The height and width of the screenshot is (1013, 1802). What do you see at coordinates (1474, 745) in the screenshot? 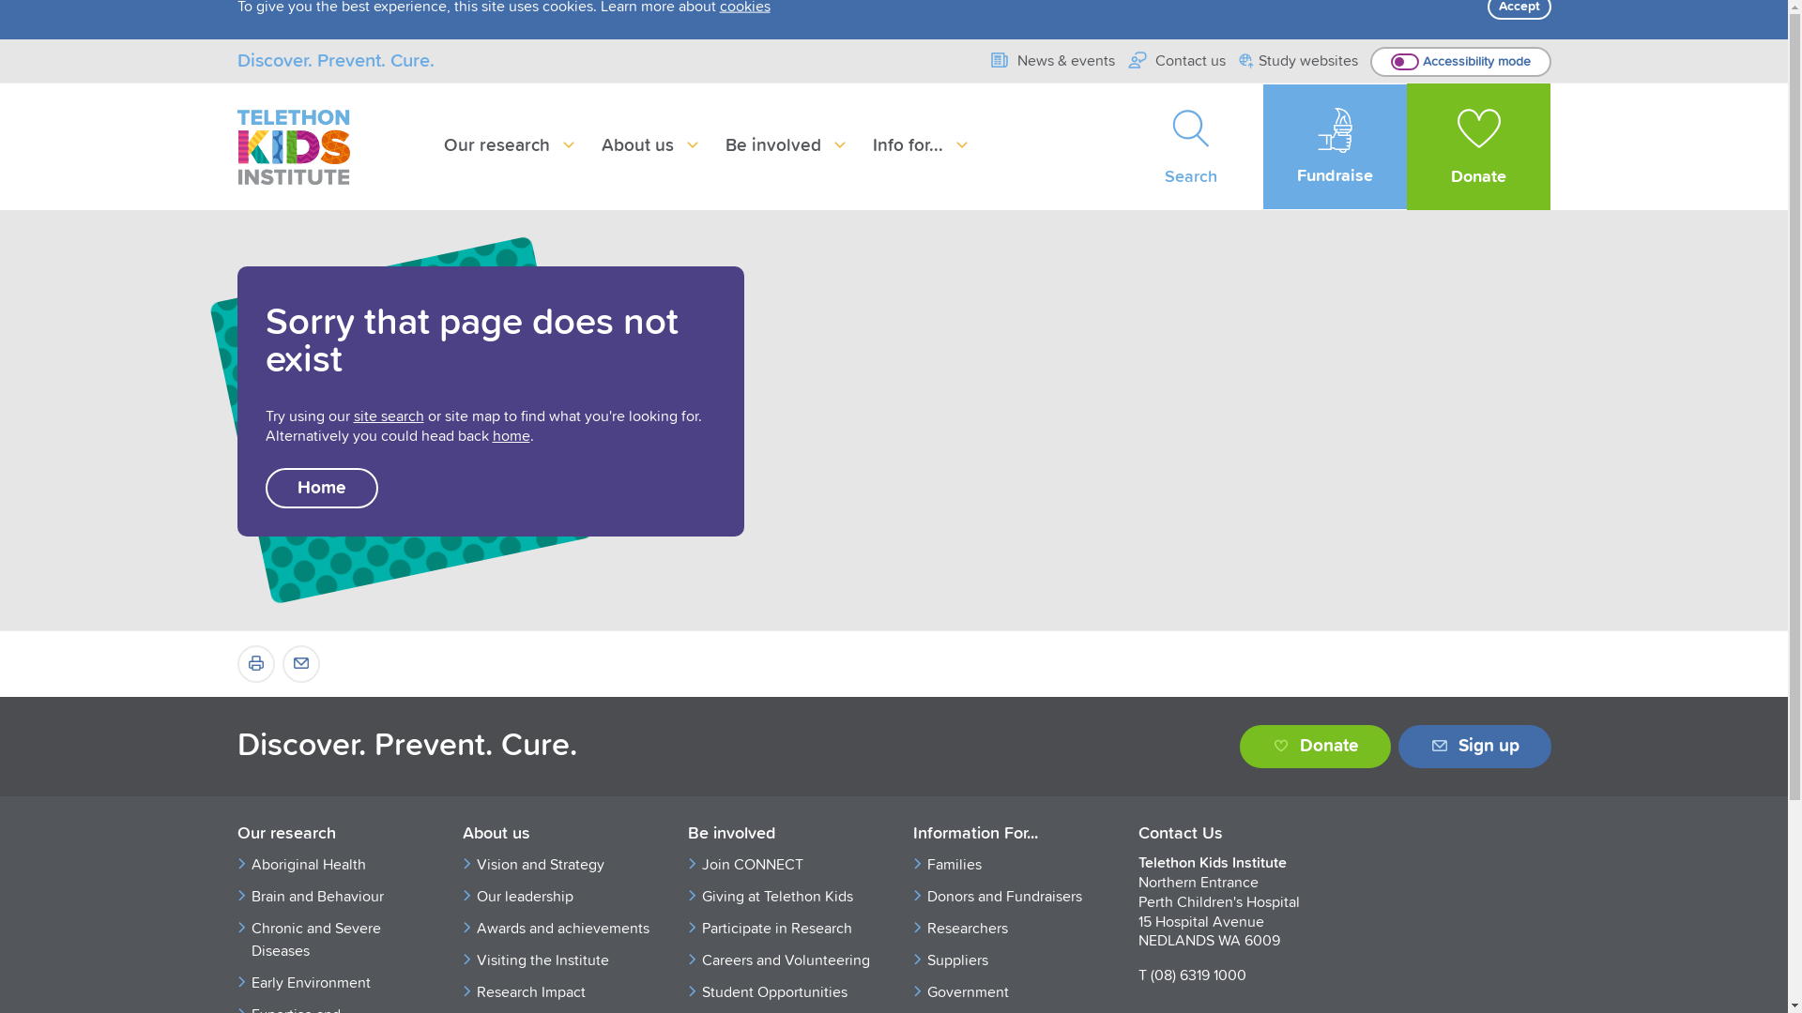
I see `'Sign up'` at bounding box center [1474, 745].